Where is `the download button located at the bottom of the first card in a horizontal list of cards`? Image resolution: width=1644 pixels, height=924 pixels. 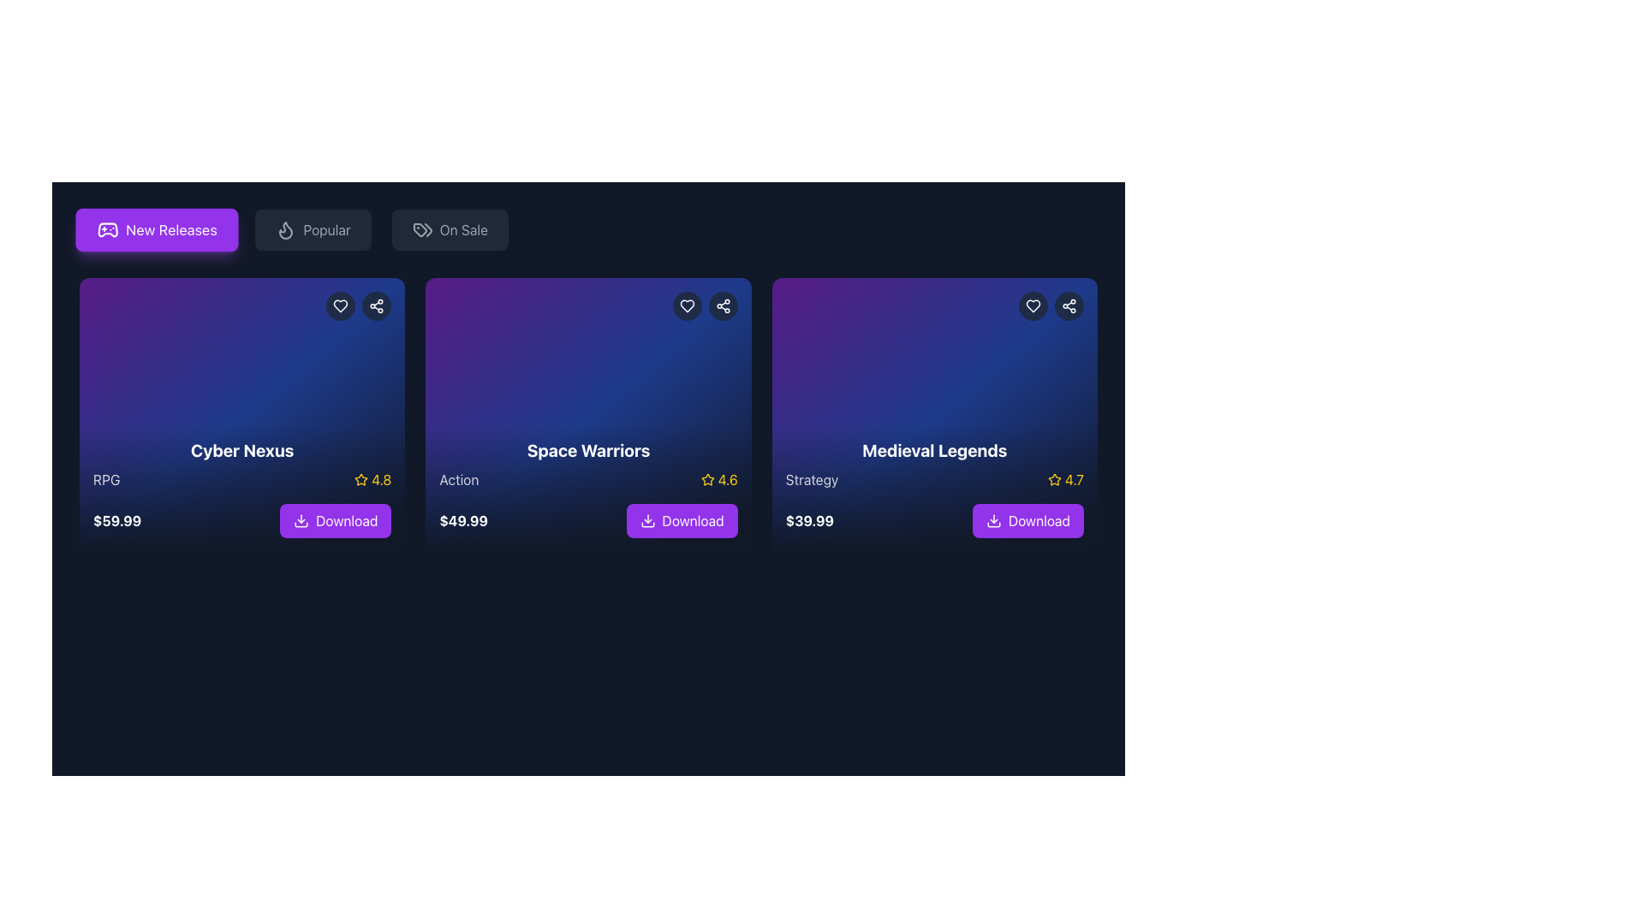 the download button located at the bottom of the first card in a horizontal list of cards is located at coordinates (346, 520).